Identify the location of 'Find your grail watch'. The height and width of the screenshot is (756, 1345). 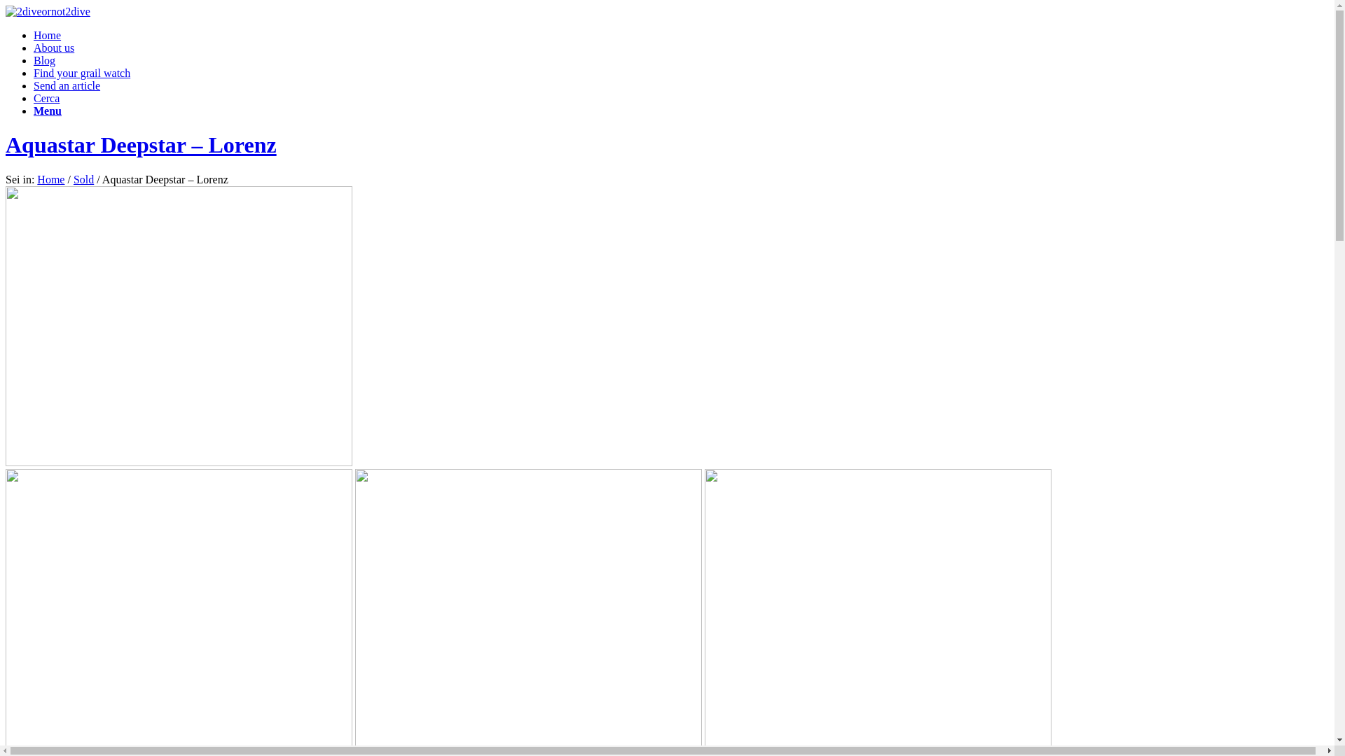
(81, 73).